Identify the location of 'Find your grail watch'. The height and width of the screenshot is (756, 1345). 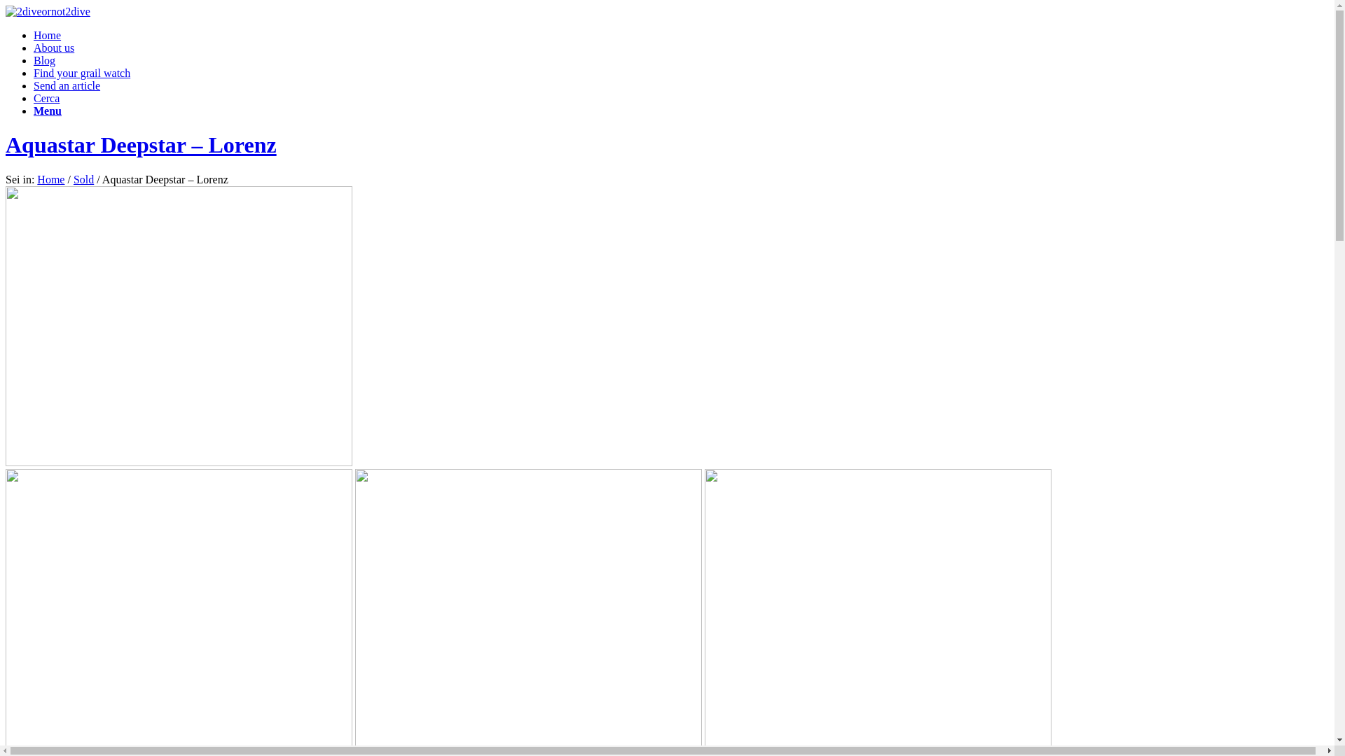
(81, 73).